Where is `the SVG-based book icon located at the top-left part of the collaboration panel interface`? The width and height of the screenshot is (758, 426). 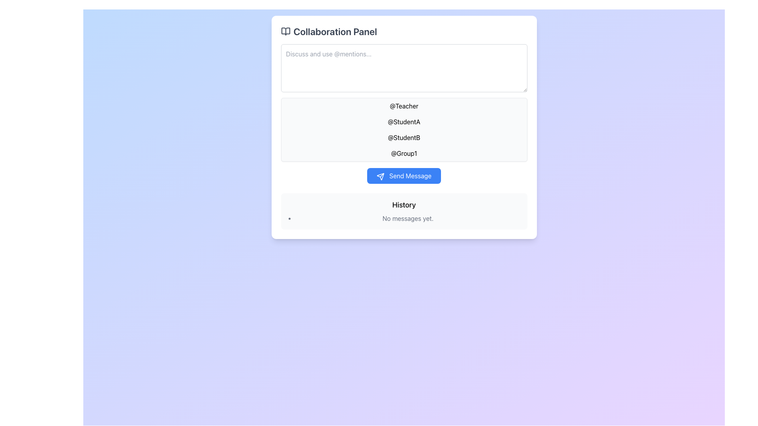
the SVG-based book icon located at the top-left part of the collaboration panel interface is located at coordinates (285, 31).